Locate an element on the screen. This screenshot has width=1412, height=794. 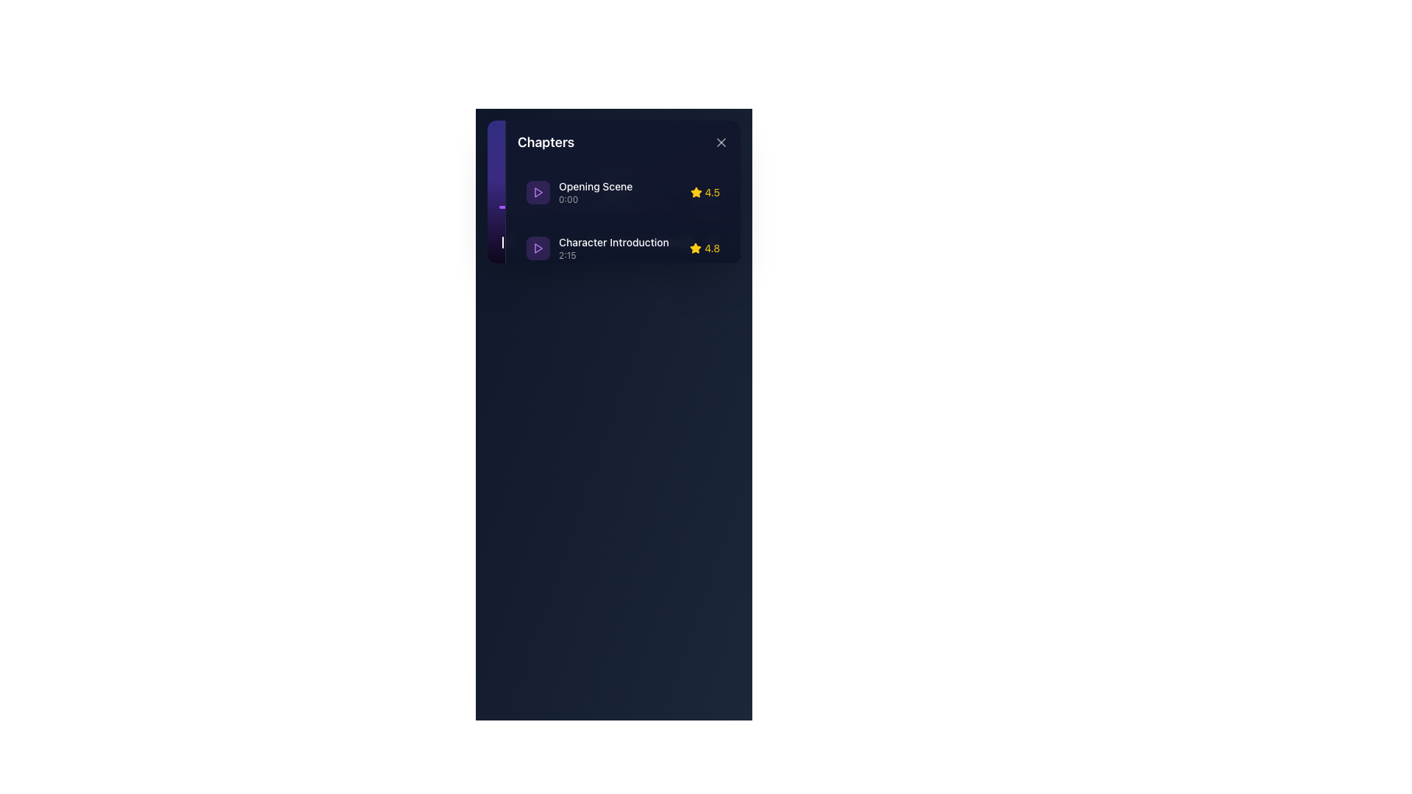
the first chapter entry in the sidebar that provides details for the content chapter, including its title, start time, and rating is located at coordinates (623, 192).